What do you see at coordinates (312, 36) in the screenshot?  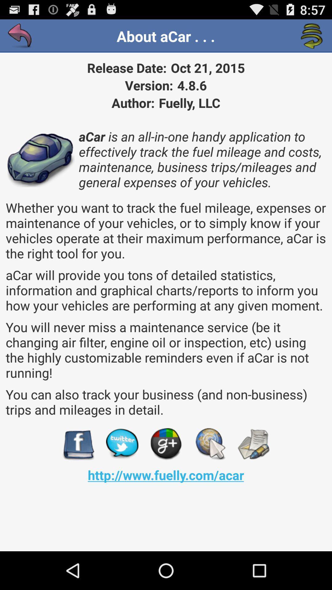 I see `icon above acar is an icon` at bounding box center [312, 36].